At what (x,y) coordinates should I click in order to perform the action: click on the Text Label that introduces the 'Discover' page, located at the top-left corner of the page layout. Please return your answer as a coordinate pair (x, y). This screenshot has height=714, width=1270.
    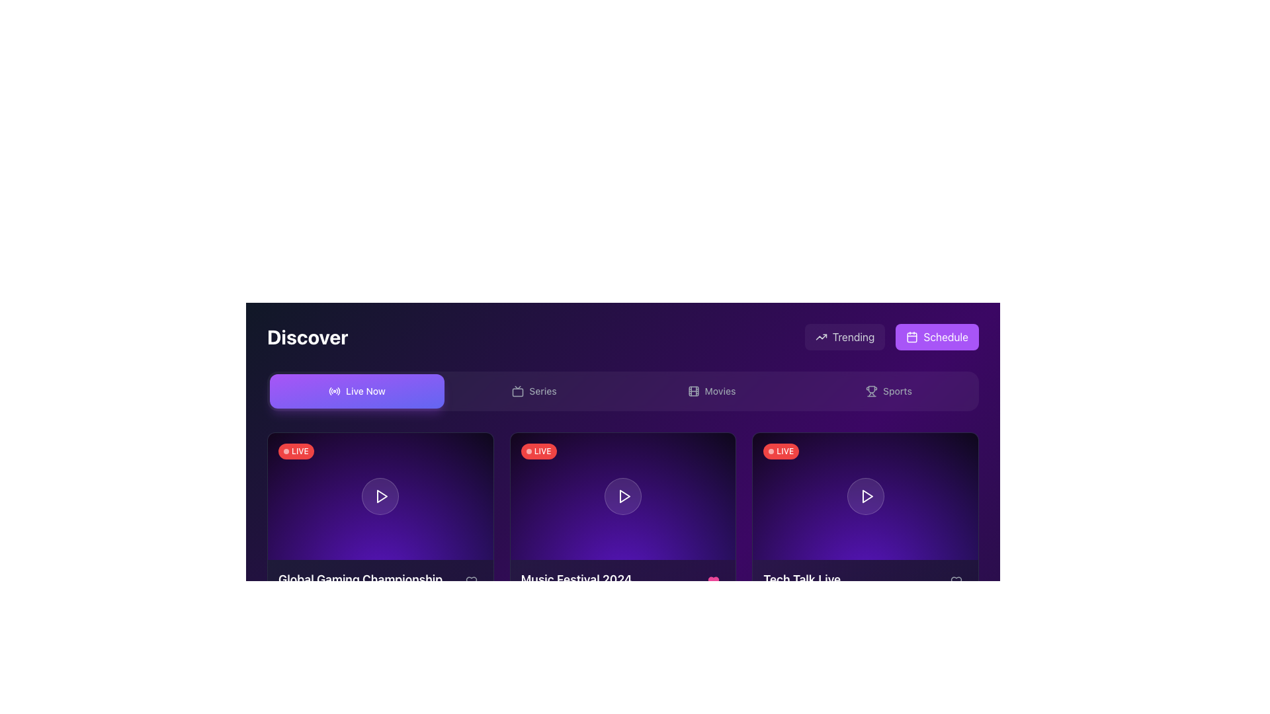
    Looking at the image, I should click on (307, 336).